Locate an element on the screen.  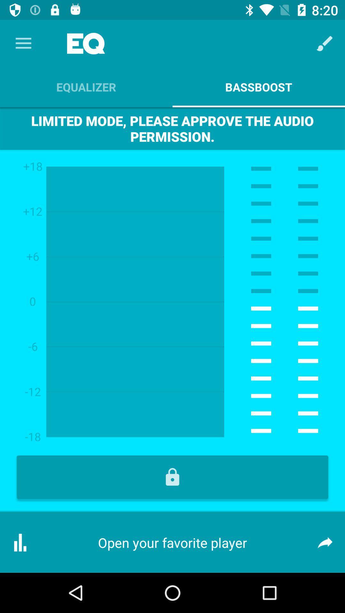
the equalizer icon is located at coordinates (86, 87).